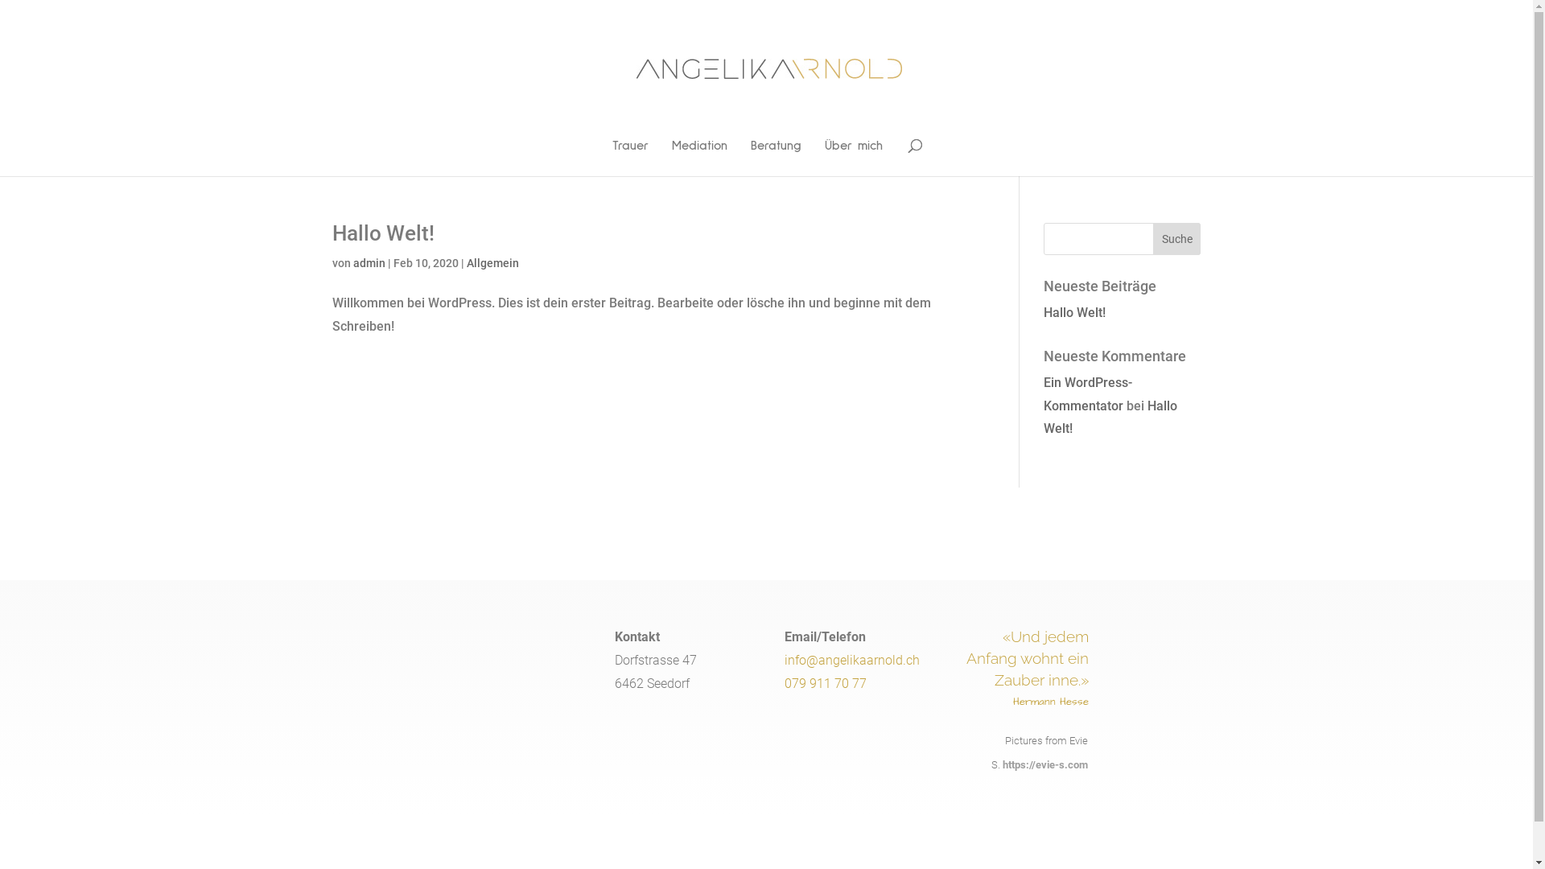  I want to click on 'Trauer', so click(629, 158).